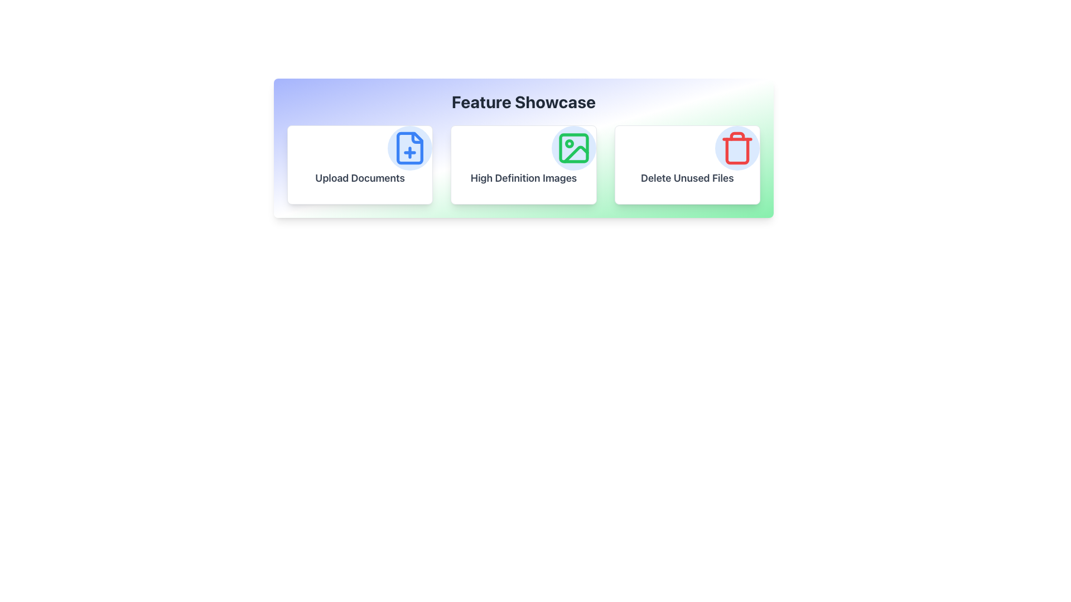 Image resolution: width=1071 pixels, height=602 pixels. What do you see at coordinates (573, 148) in the screenshot?
I see `the Decorative Icon, a circular icon with a light blue background and a green stylized photo symbol, located in the top-right corner of the 'High Definition Images' card` at bounding box center [573, 148].